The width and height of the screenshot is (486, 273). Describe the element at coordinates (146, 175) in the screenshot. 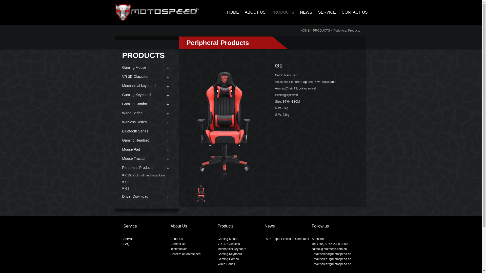

I see `'C100 Colorful mechnical keys'` at that location.